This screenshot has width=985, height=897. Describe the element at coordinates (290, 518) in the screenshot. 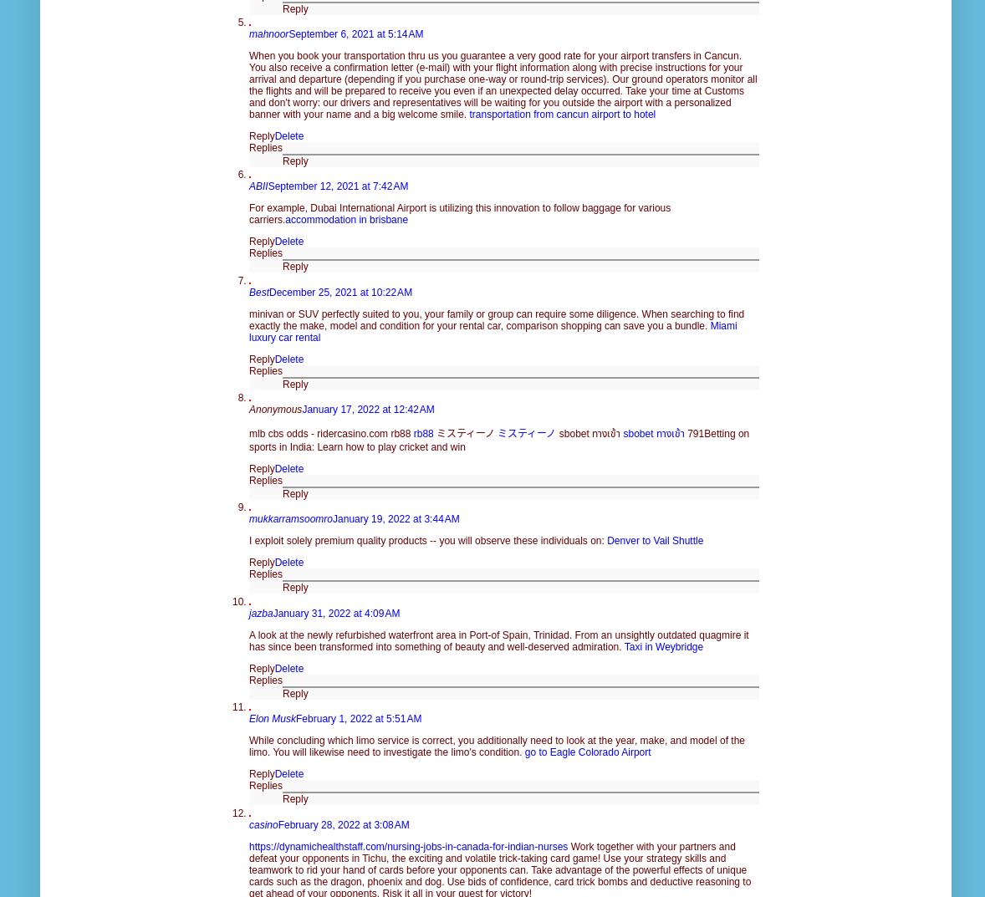

I see `'mukkarramsoomro'` at that location.